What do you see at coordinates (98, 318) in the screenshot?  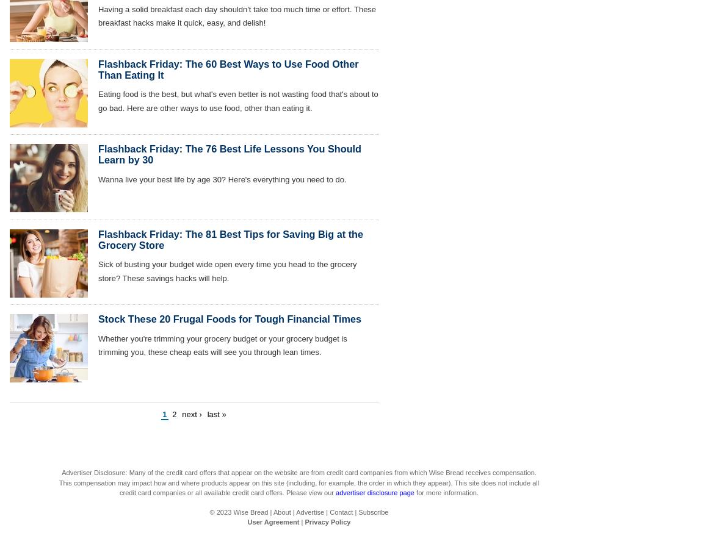 I see `'Stock These 20 Frugal Foods for Tough Financial Times'` at bounding box center [98, 318].